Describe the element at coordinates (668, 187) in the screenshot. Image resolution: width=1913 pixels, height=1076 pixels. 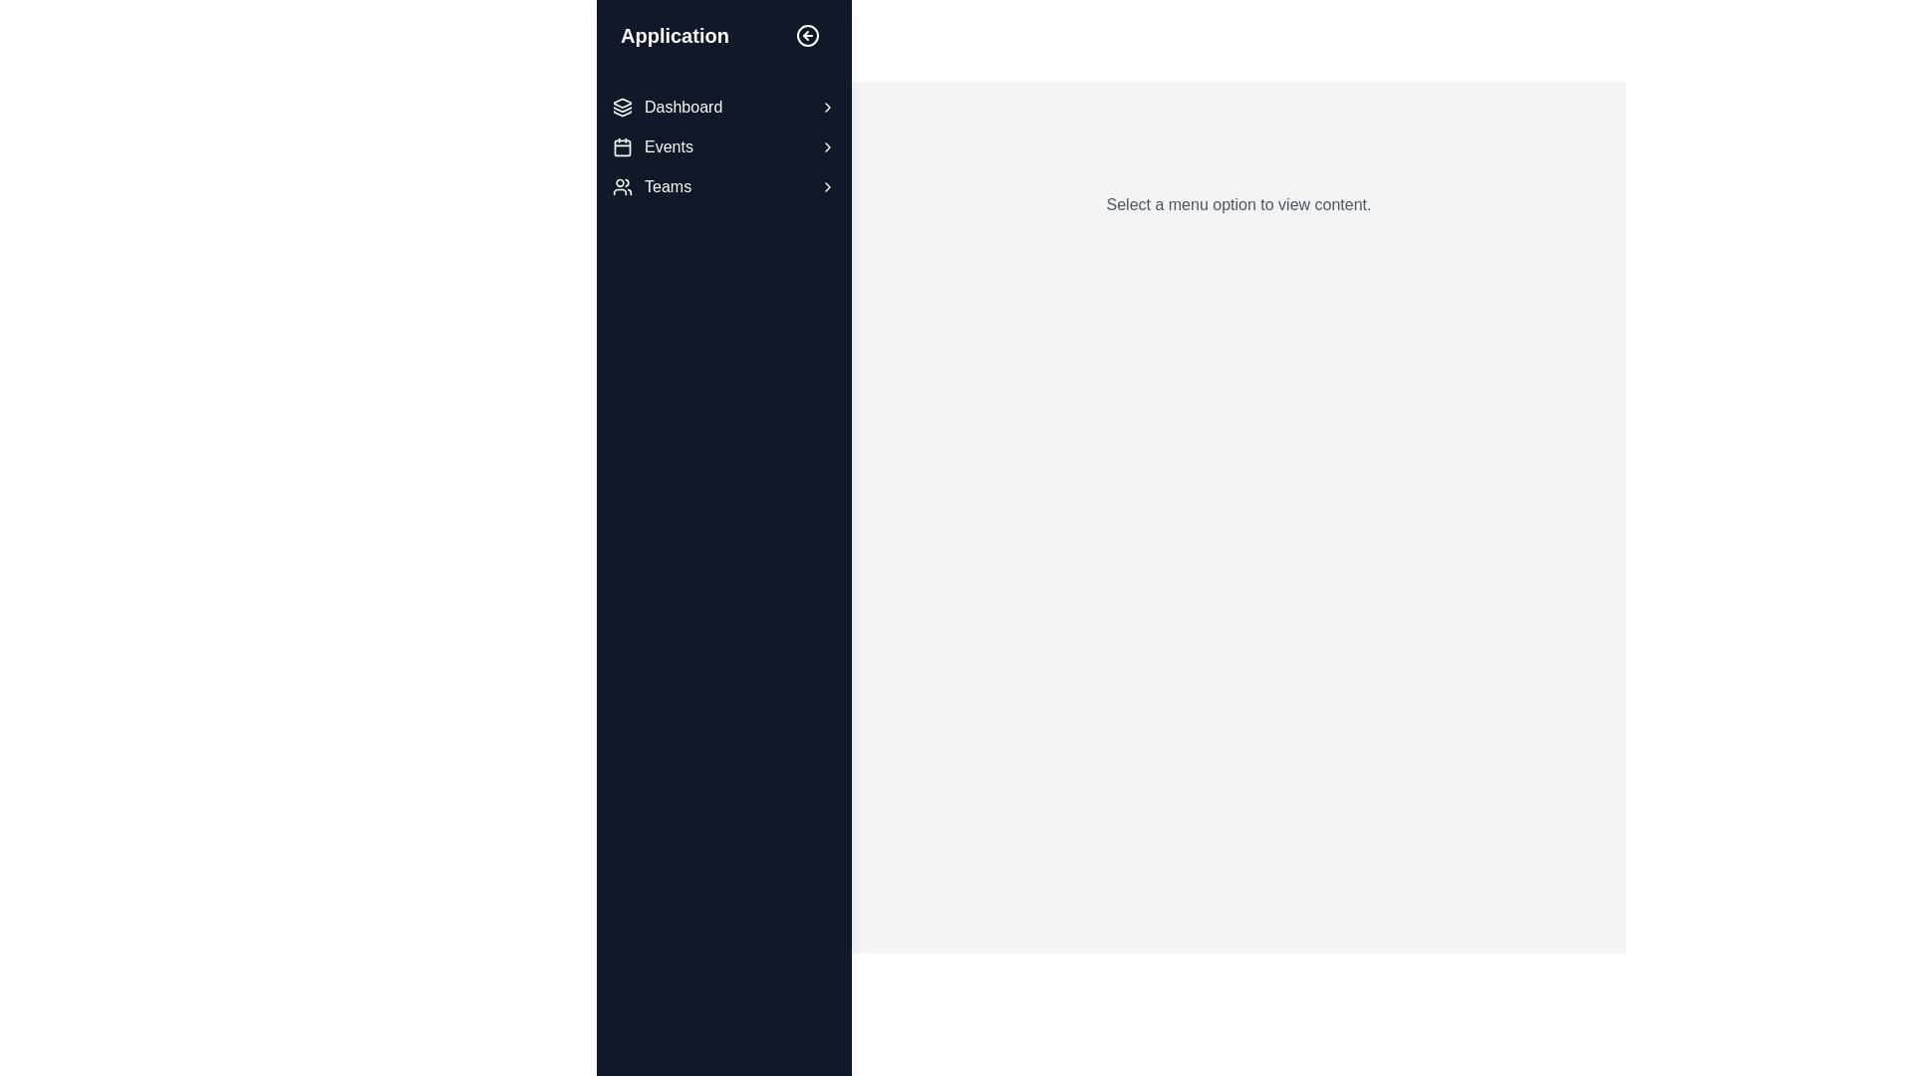
I see `the 'Teams' text label in the vertical navigation menu` at that location.